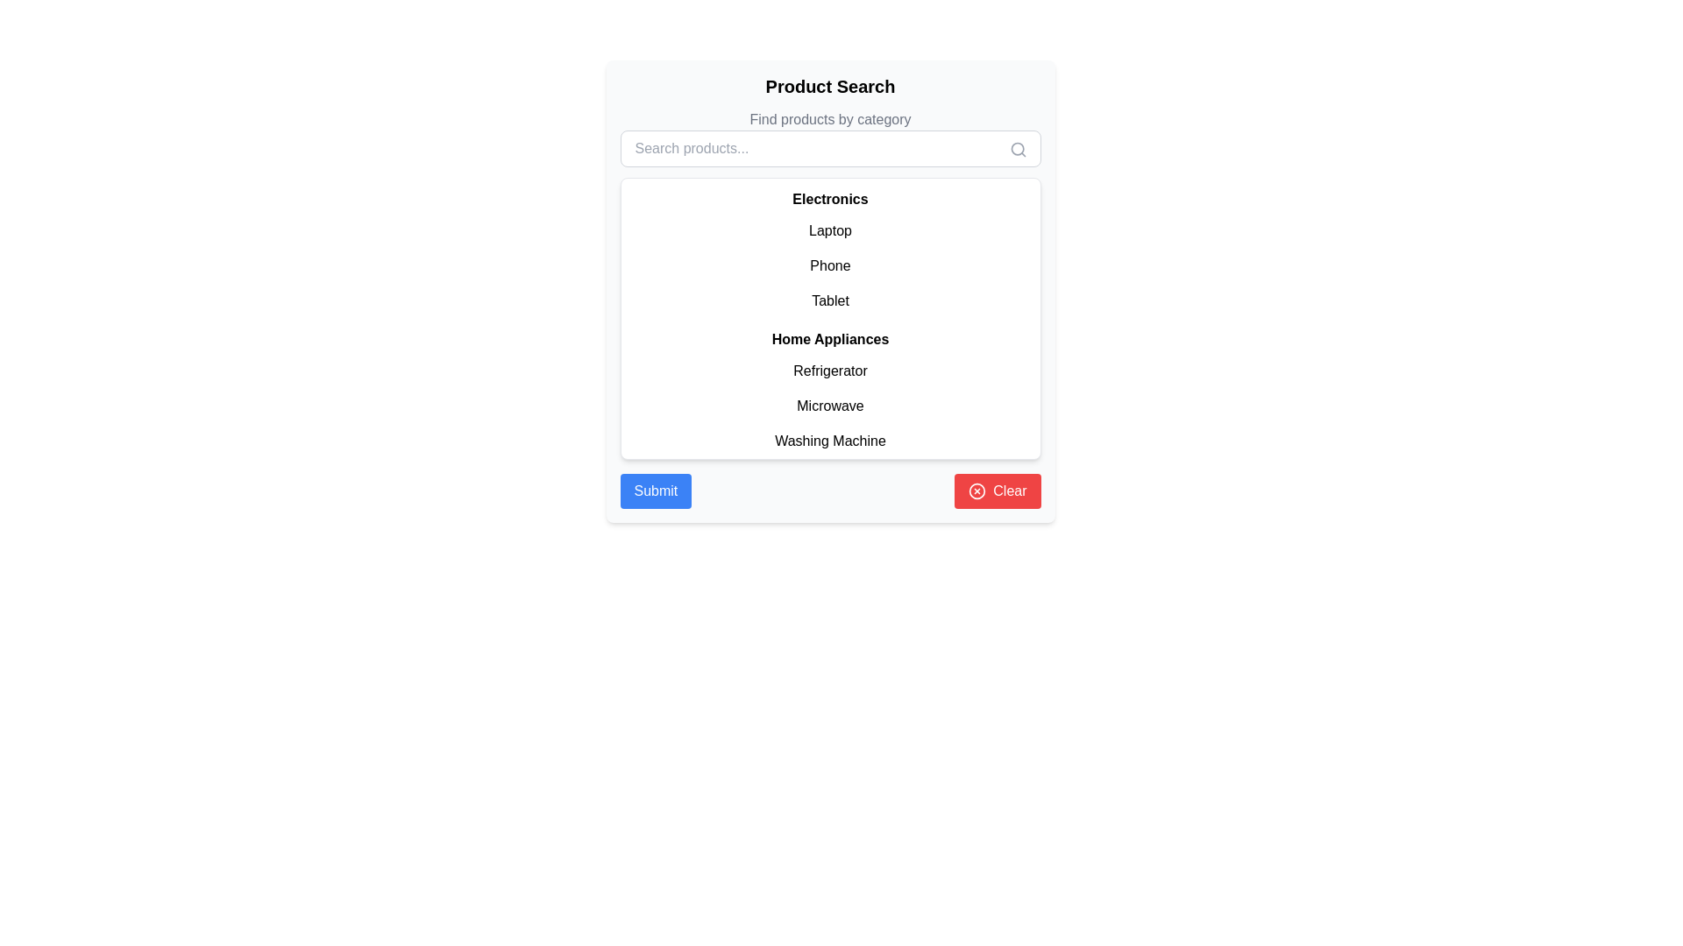 The height and width of the screenshot is (946, 1683). What do you see at coordinates (1017, 148) in the screenshot?
I see `the circular part of the search icon located on the right-hand side inside the input bar for searching products` at bounding box center [1017, 148].